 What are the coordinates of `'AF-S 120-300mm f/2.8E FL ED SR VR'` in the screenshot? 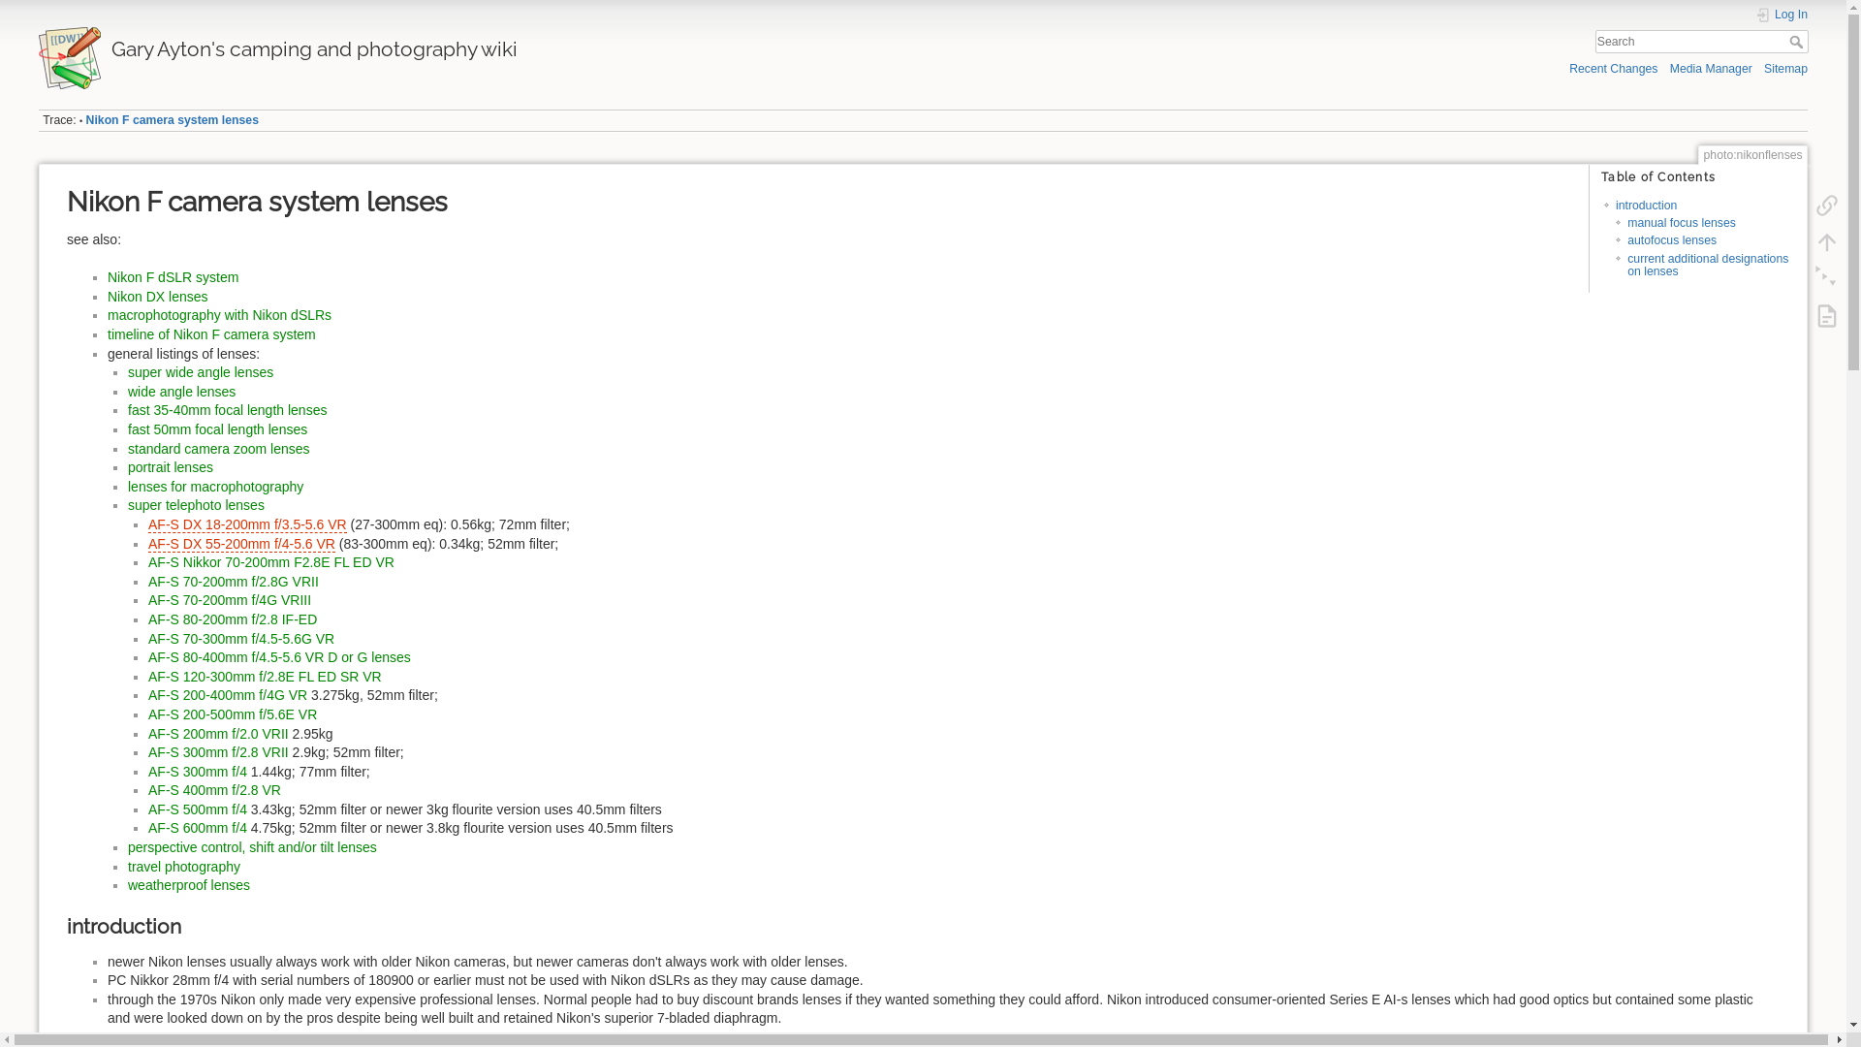 It's located at (264, 676).